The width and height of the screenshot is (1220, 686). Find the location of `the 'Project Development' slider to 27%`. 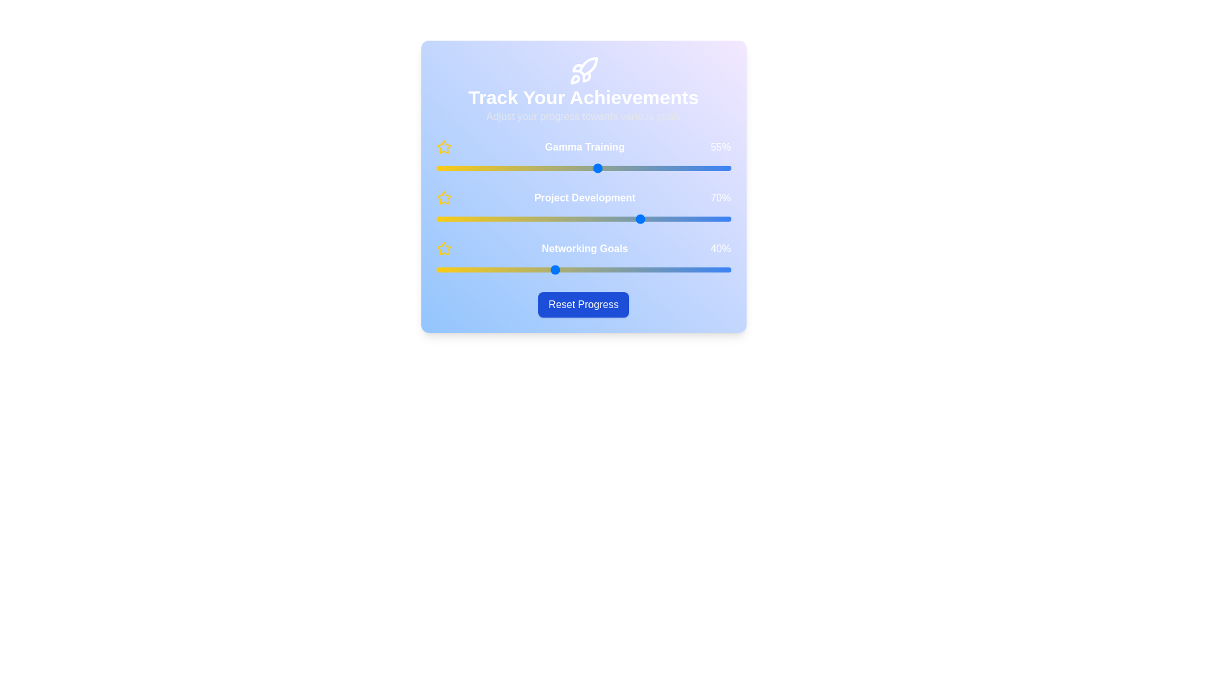

the 'Project Development' slider to 27% is located at coordinates (515, 218).